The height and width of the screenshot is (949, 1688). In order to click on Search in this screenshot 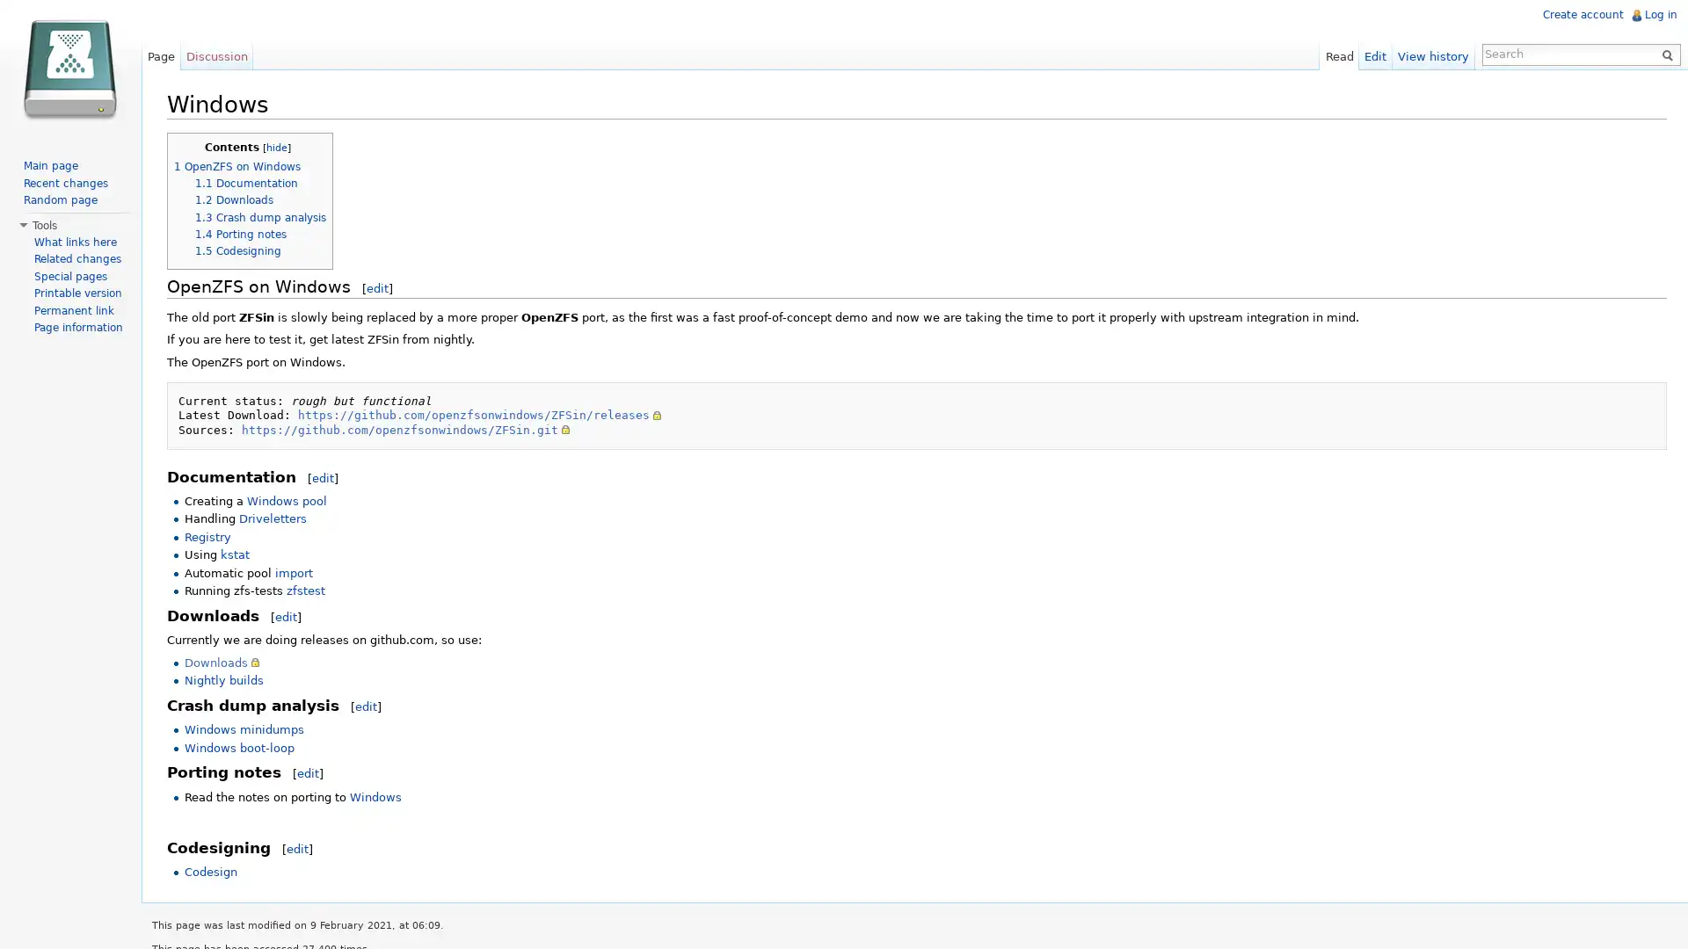, I will do `click(1662, 53)`.